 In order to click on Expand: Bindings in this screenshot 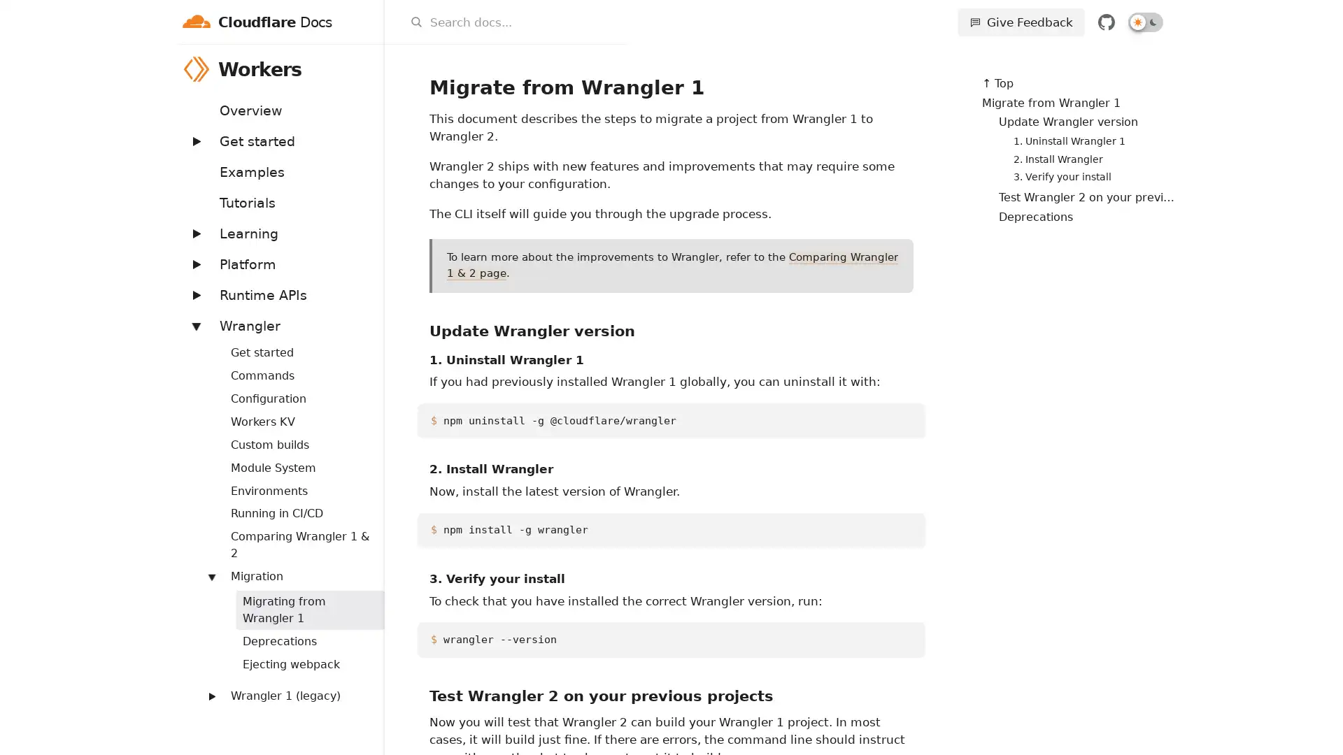, I will do `click(204, 312)`.